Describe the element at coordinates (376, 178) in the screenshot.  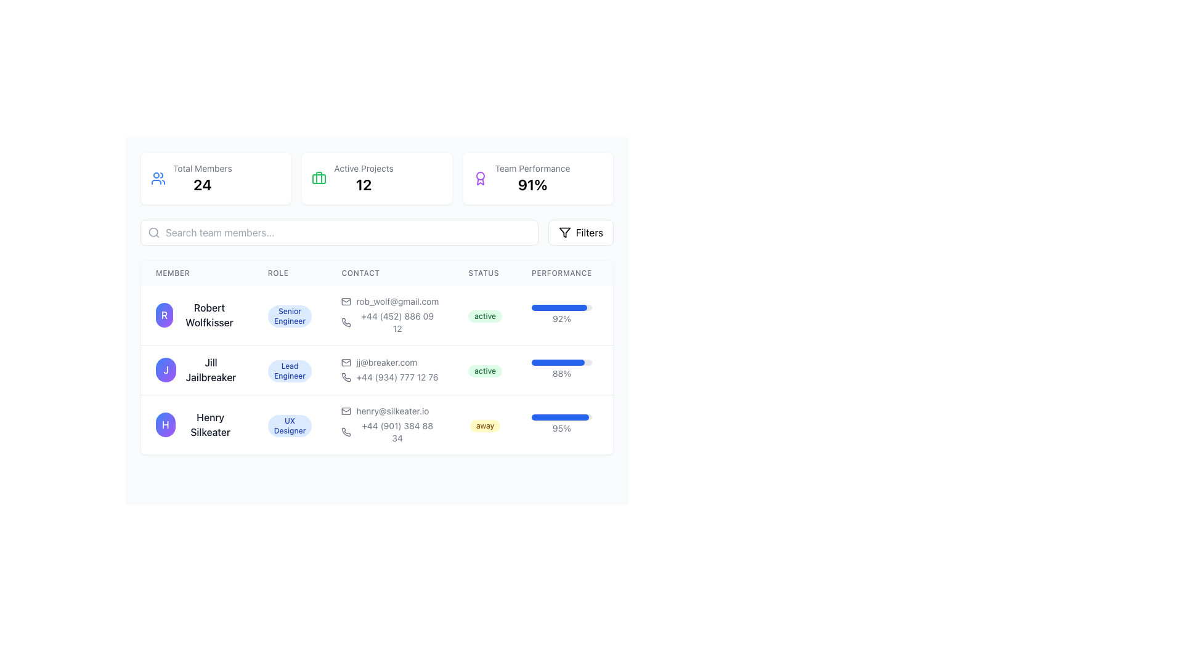
I see `displayed number '12' and title 'Active Projects' from the Summary Card, which is the second box in the grid located between 'Total Members' and 'Team Performance'` at that location.